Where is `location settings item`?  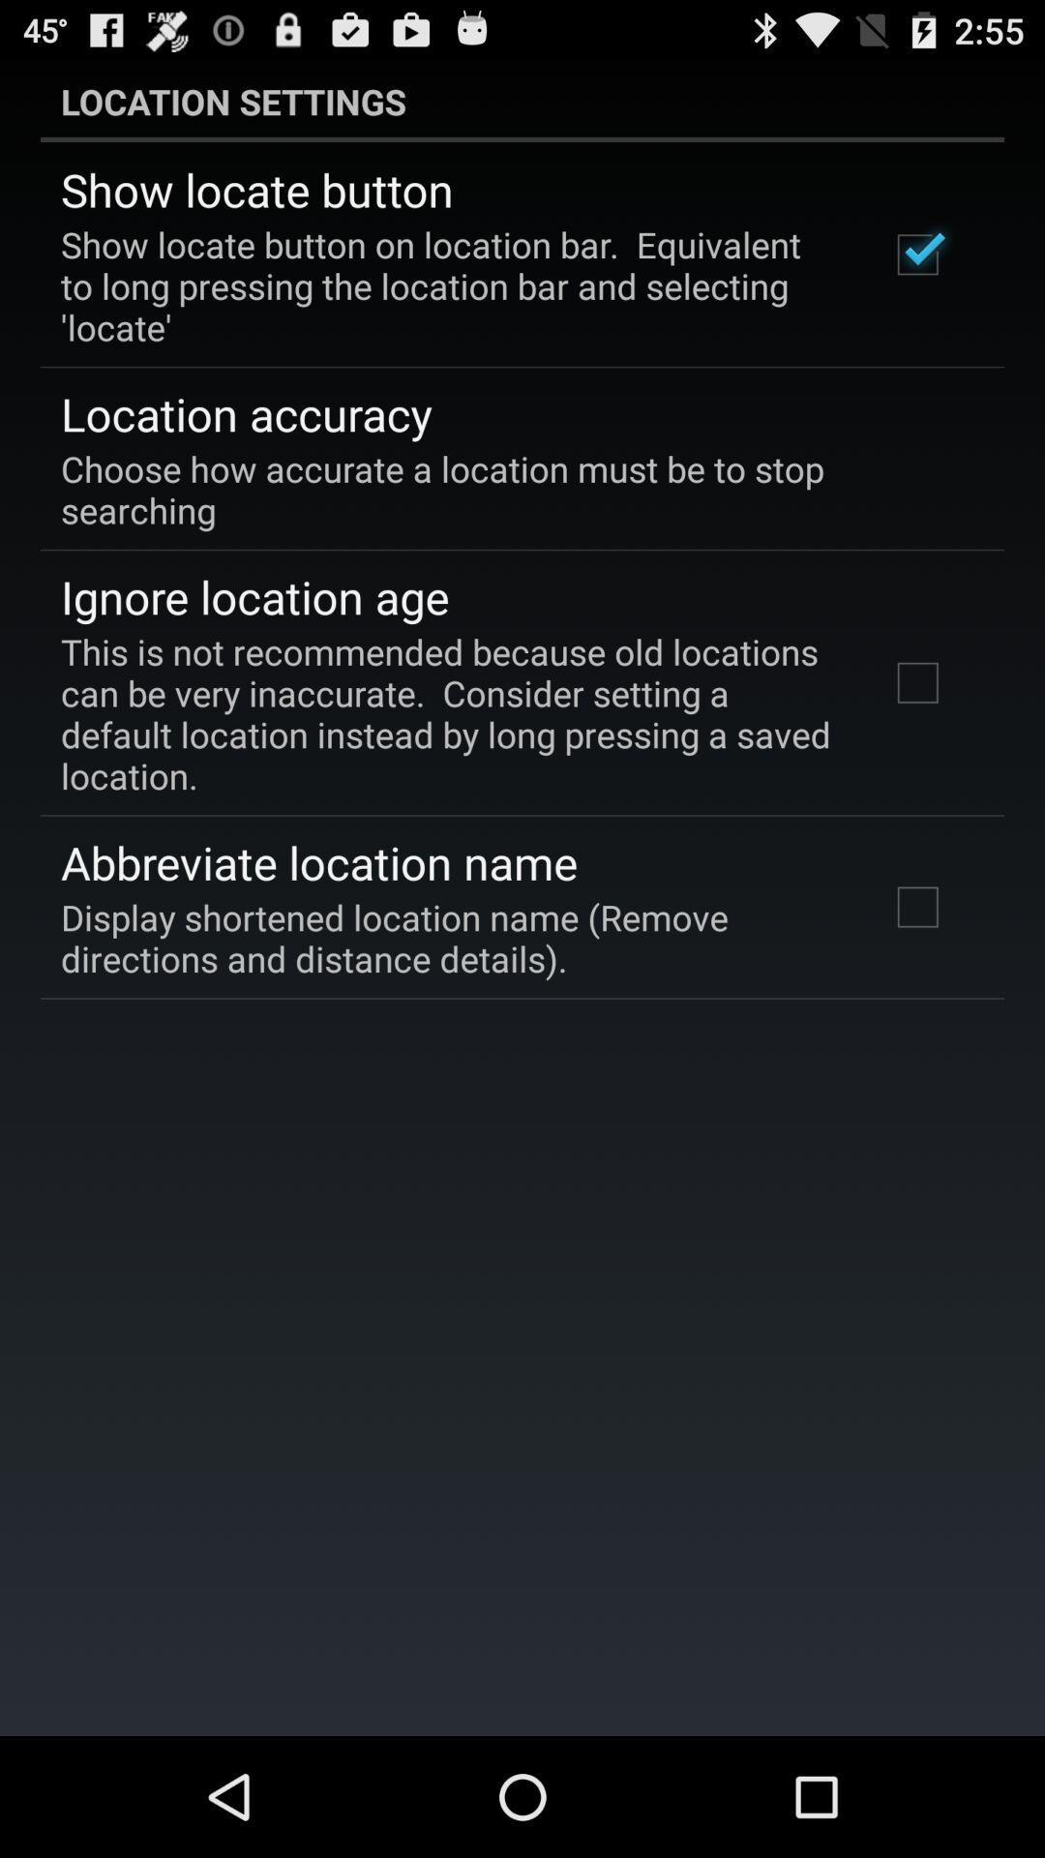
location settings item is located at coordinates (522, 101).